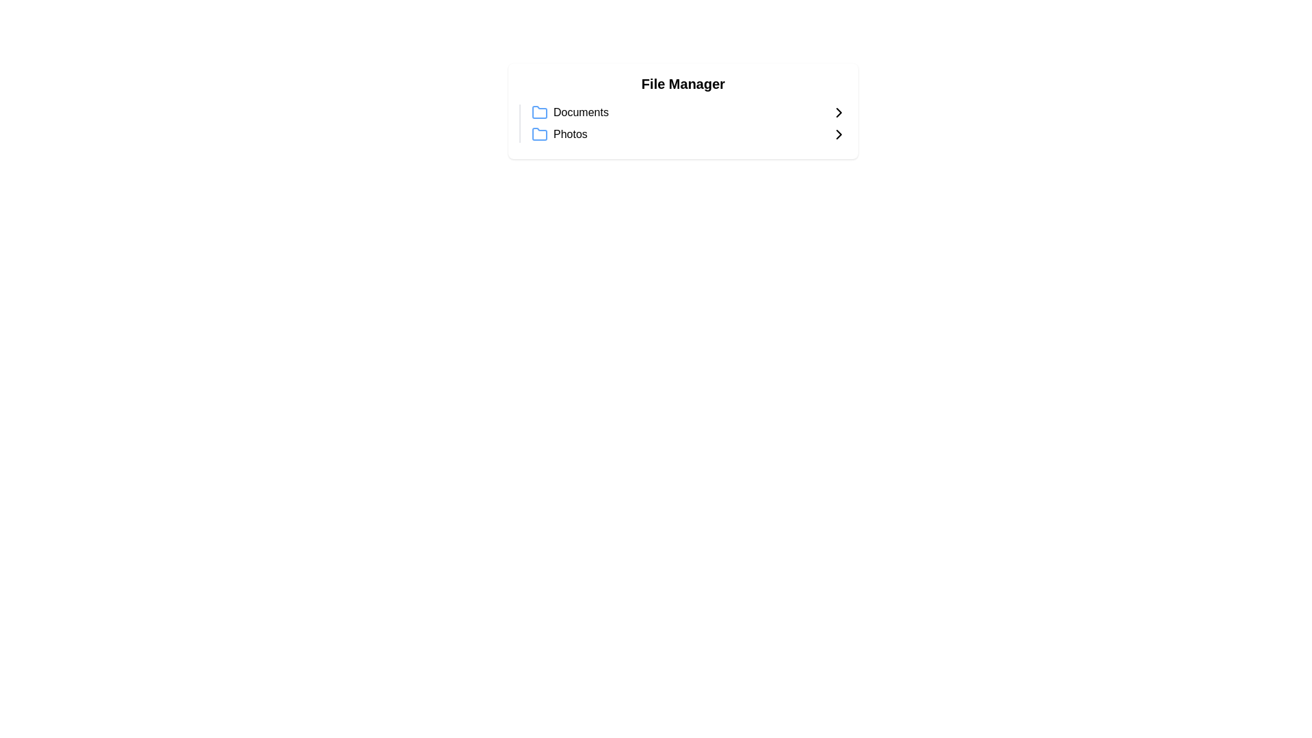  Describe the element at coordinates (838, 134) in the screenshot. I see `the right-facing chevron icon next to the 'Photos' label` at that location.